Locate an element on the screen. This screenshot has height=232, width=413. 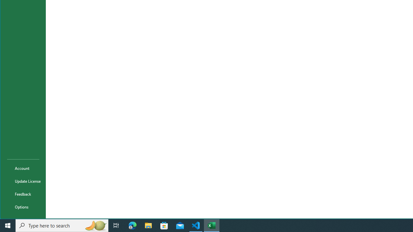
'File Explorer' is located at coordinates (148, 225).